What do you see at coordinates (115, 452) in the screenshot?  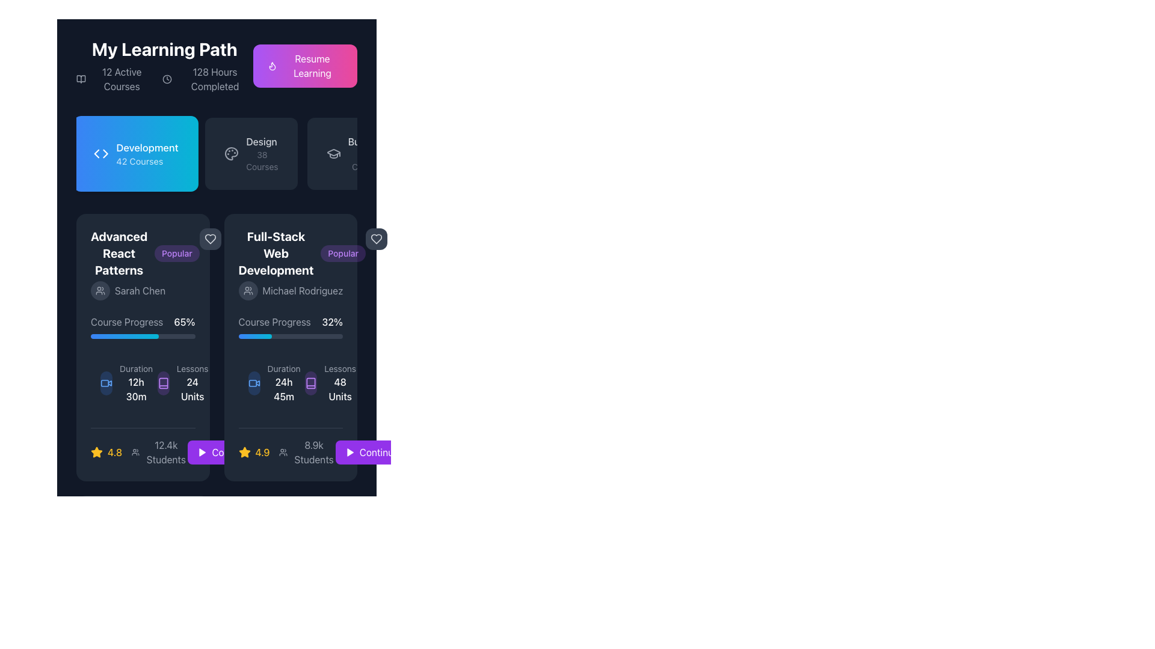 I see `the rating value text that displays course feedback or quality, located in the bottom section of the left card, aligned with a star icon and above the text '12.4k Students'` at bounding box center [115, 452].